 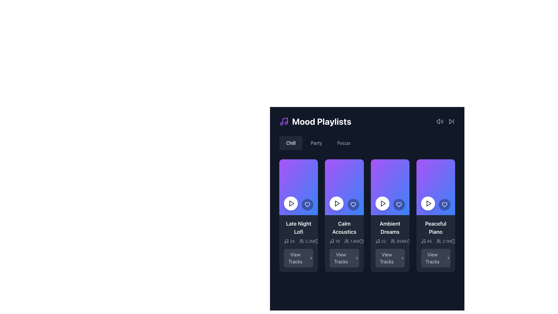 What do you see at coordinates (423, 241) in the screenshot?
I see `the SVG music icon located on the rightmost card in the grid under the 'Mood Playlists' title, part of the 'Peaceful Piano' card, which shows a count of '45'` at bounding box center [423, 241].